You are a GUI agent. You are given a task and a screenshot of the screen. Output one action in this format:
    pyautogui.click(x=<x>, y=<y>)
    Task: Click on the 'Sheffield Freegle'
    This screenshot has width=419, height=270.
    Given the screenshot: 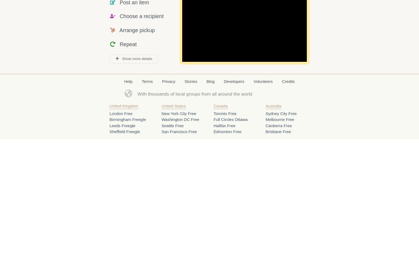 What is the action you would take?
    pyautogui.click(x=125, y=131)
    